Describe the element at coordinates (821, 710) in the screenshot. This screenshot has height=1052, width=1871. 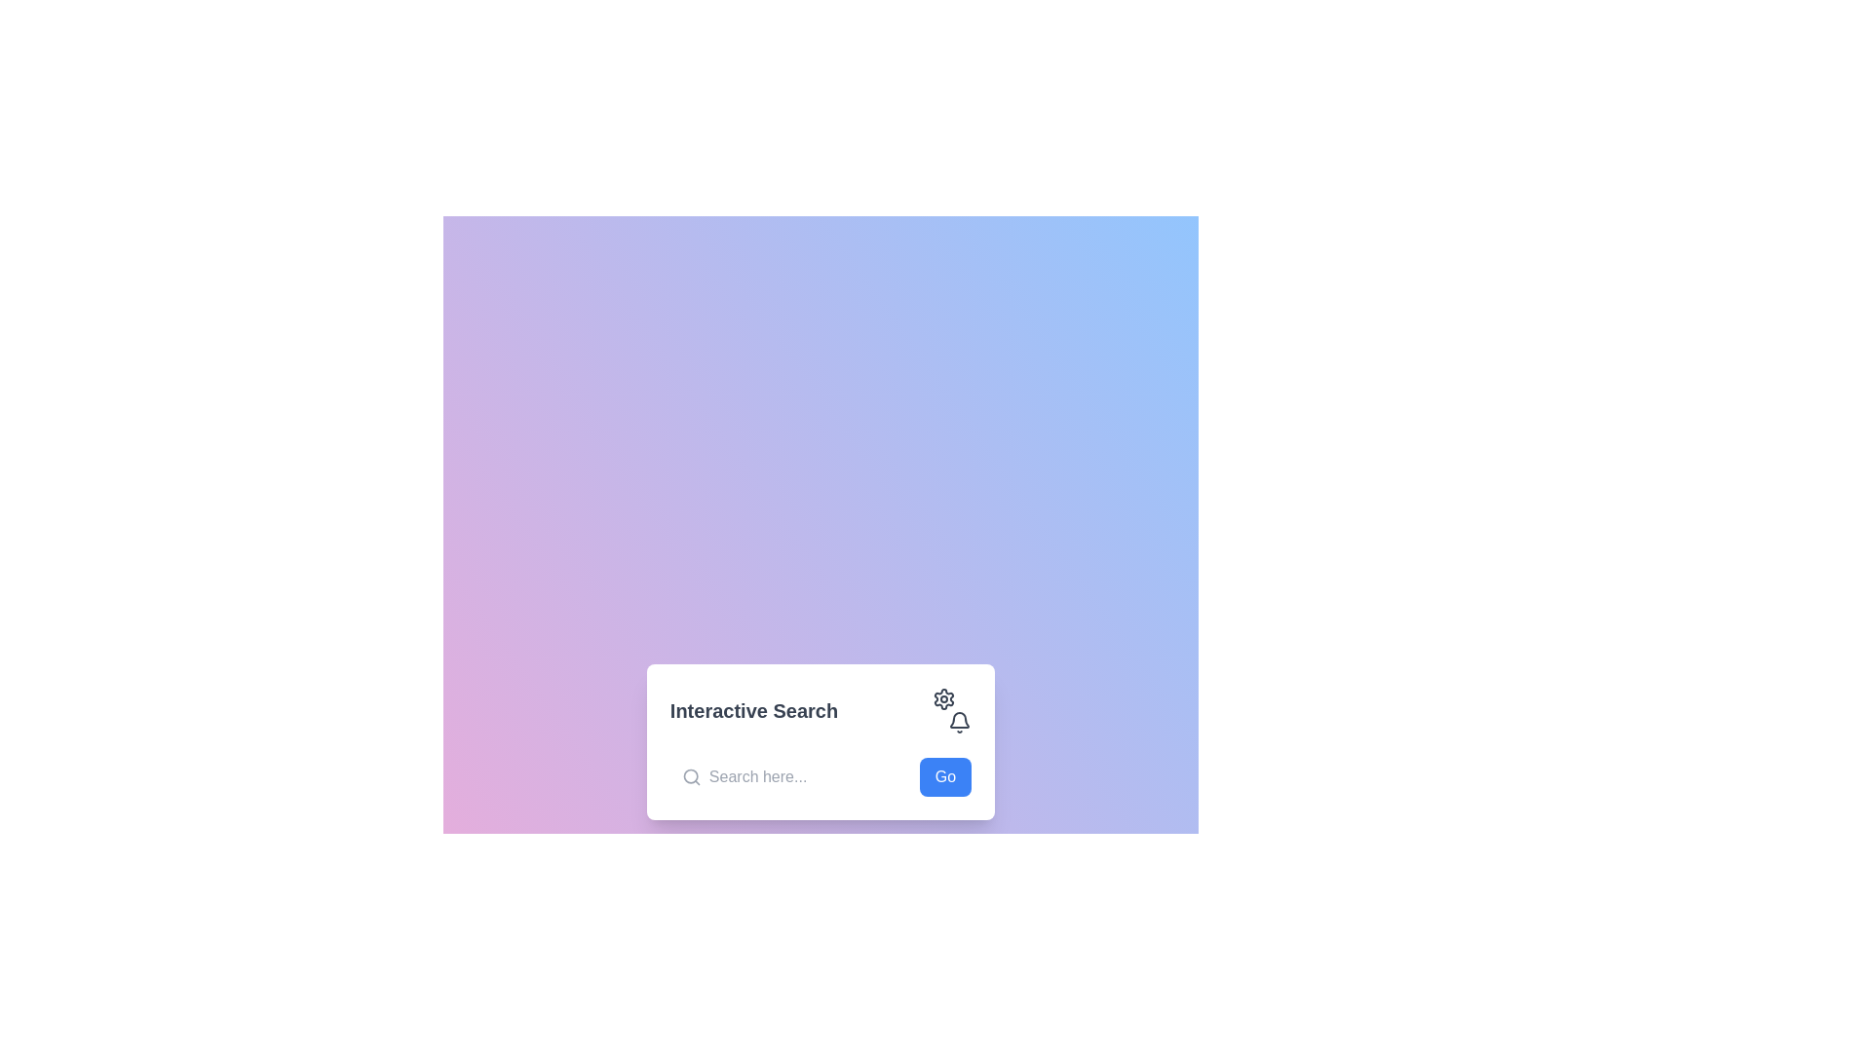
I see `the 'Interactive Search' text label located at the top of the card-style layout, which is left-aligned to the interactive icons on the right` at that location.